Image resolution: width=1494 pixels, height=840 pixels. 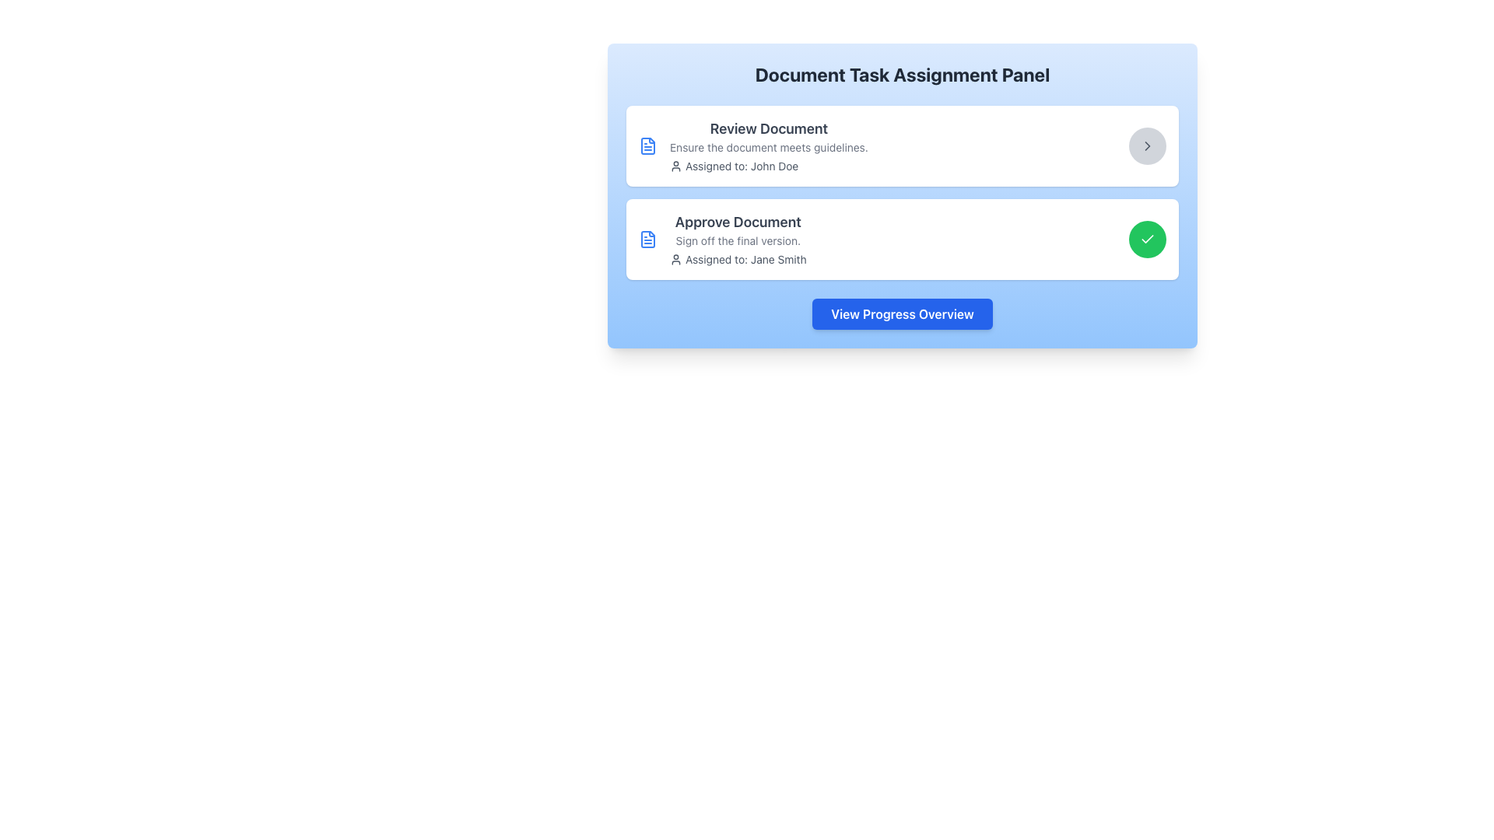 I want to click on the SVG checkmark icon contained within the green circular button, which is located next to the 'Approve Document' task, so click(x=1147, y=240).